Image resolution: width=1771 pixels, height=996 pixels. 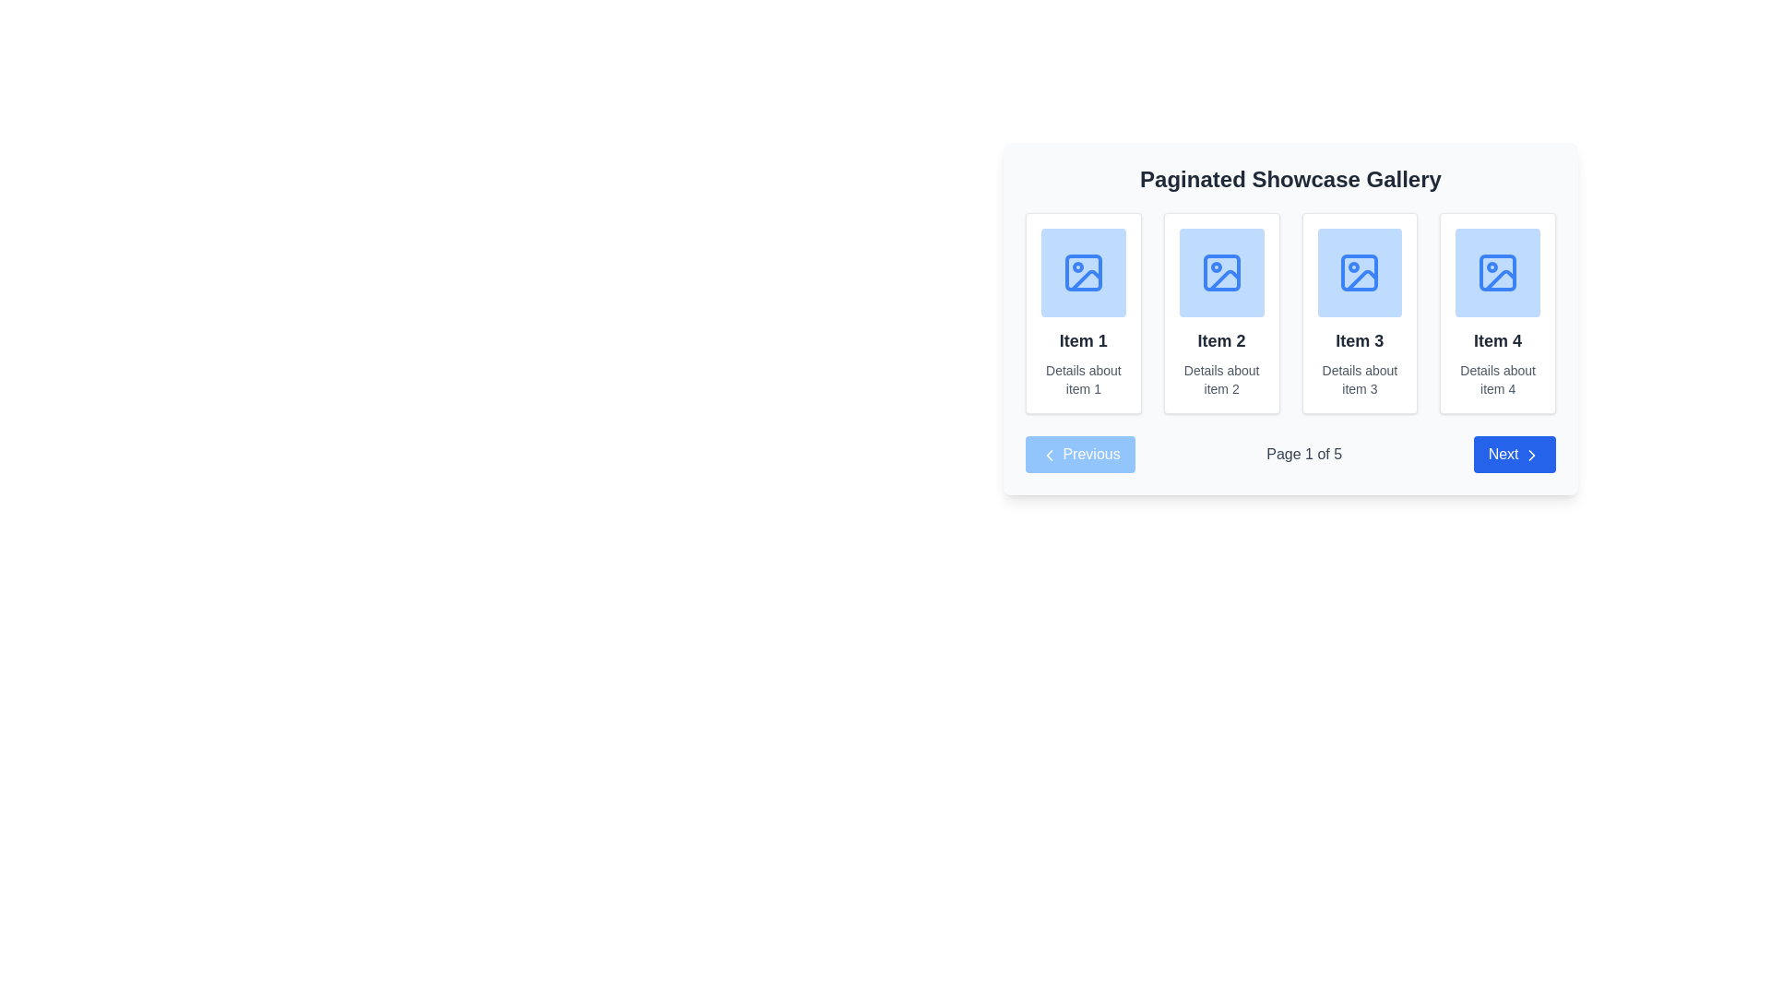 I want to click on the Card component representing 'Item 4', which is the rightmost card in the fourth column of a grid layout, so click(x=1498, y=312).